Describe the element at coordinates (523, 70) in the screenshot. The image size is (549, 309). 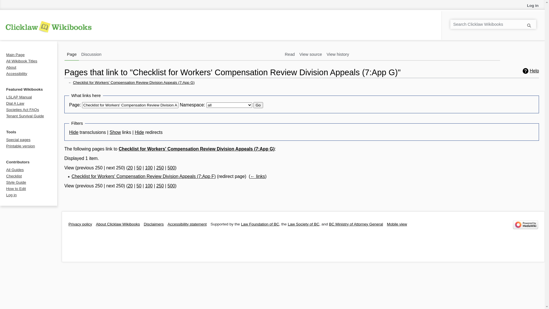
I see `'Help'` at that location.